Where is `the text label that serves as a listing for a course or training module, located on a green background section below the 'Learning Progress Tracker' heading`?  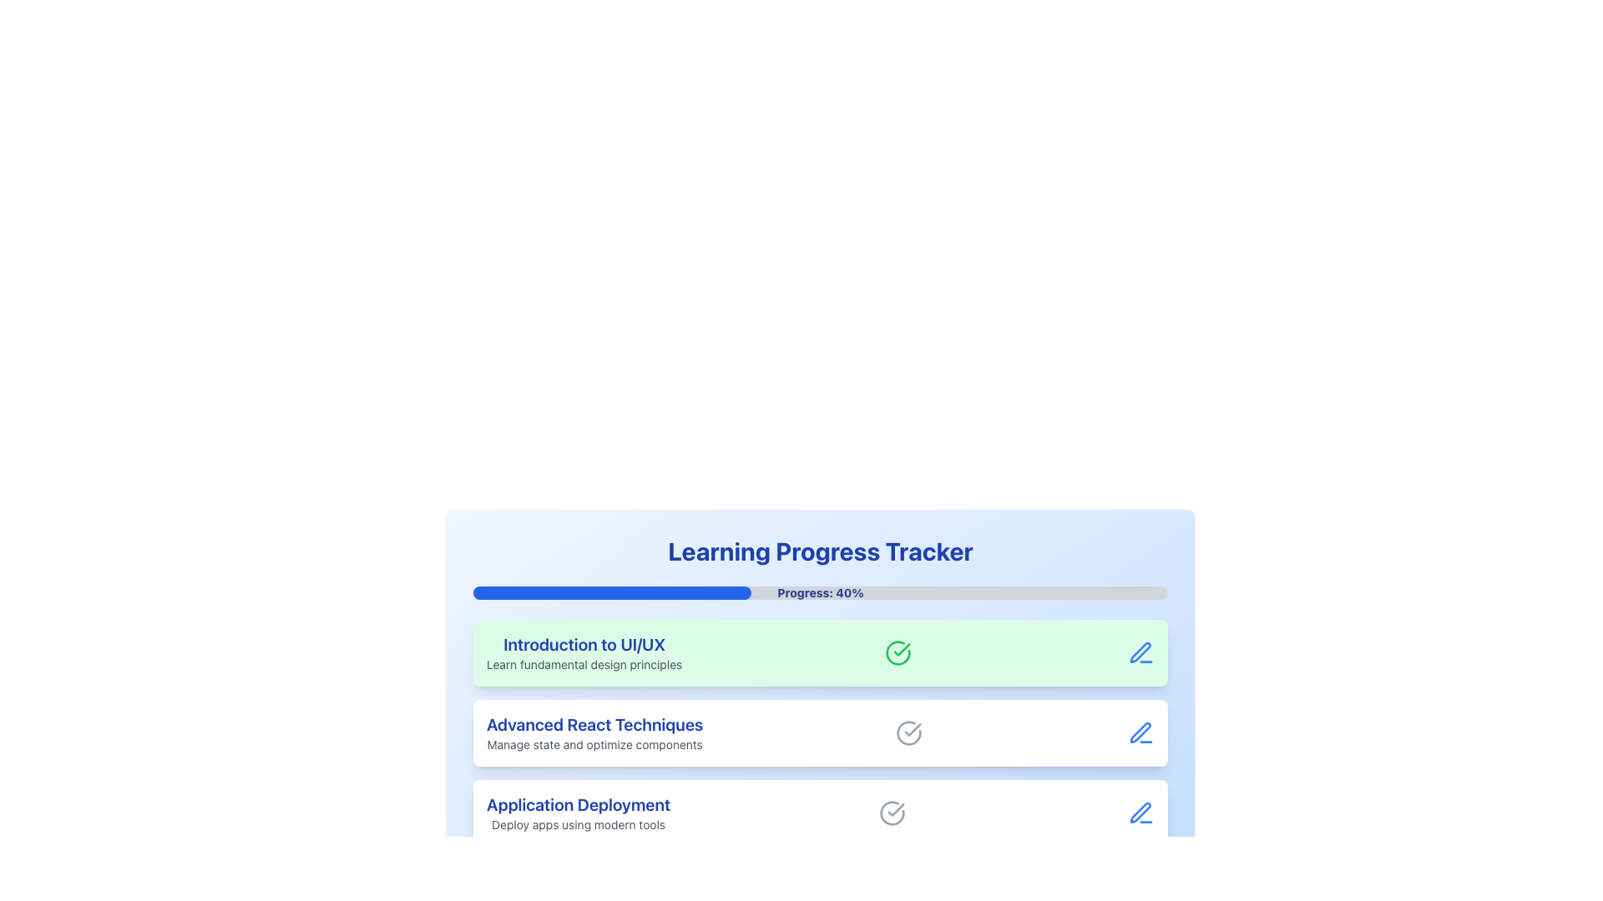 the text label that serves as a listing for a course or training module, located on a green background section below the 'Learning Progress Tracker' heading is located at coordinates (584, 652).